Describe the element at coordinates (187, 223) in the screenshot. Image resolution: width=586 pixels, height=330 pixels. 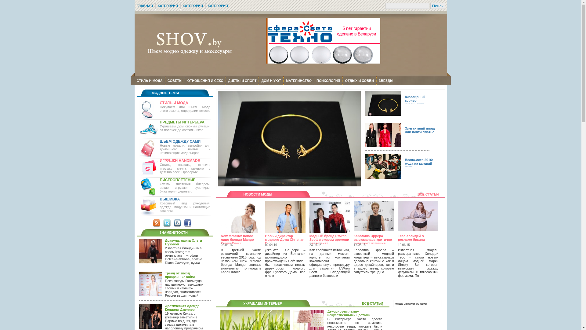
I see `'Facebook'` at that location.